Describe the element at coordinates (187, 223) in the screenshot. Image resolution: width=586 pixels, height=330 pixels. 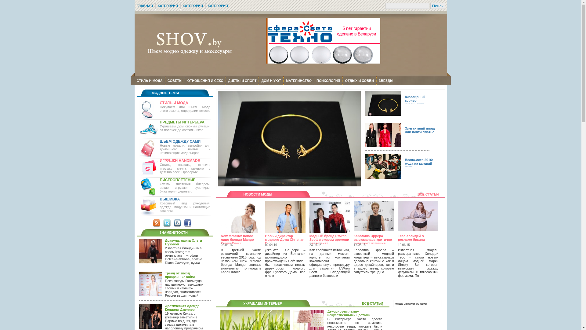
I see `'Facebook'` at that location.